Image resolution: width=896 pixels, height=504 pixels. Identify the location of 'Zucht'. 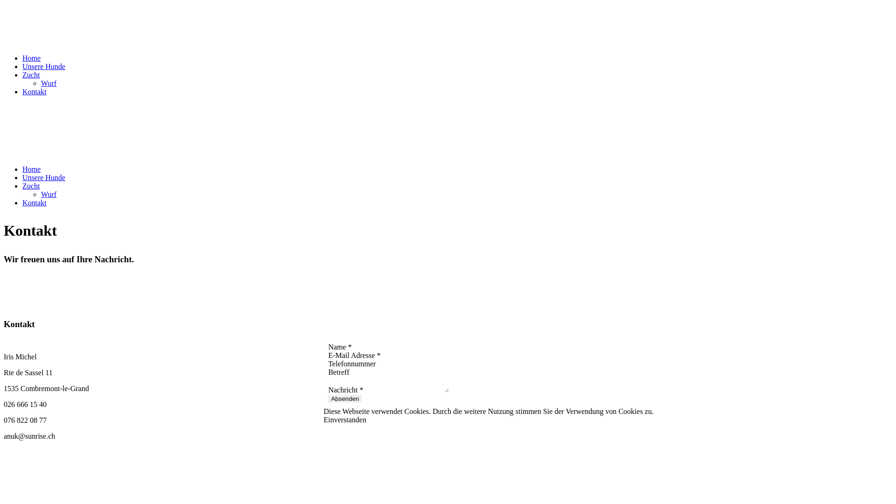
(31, 74).